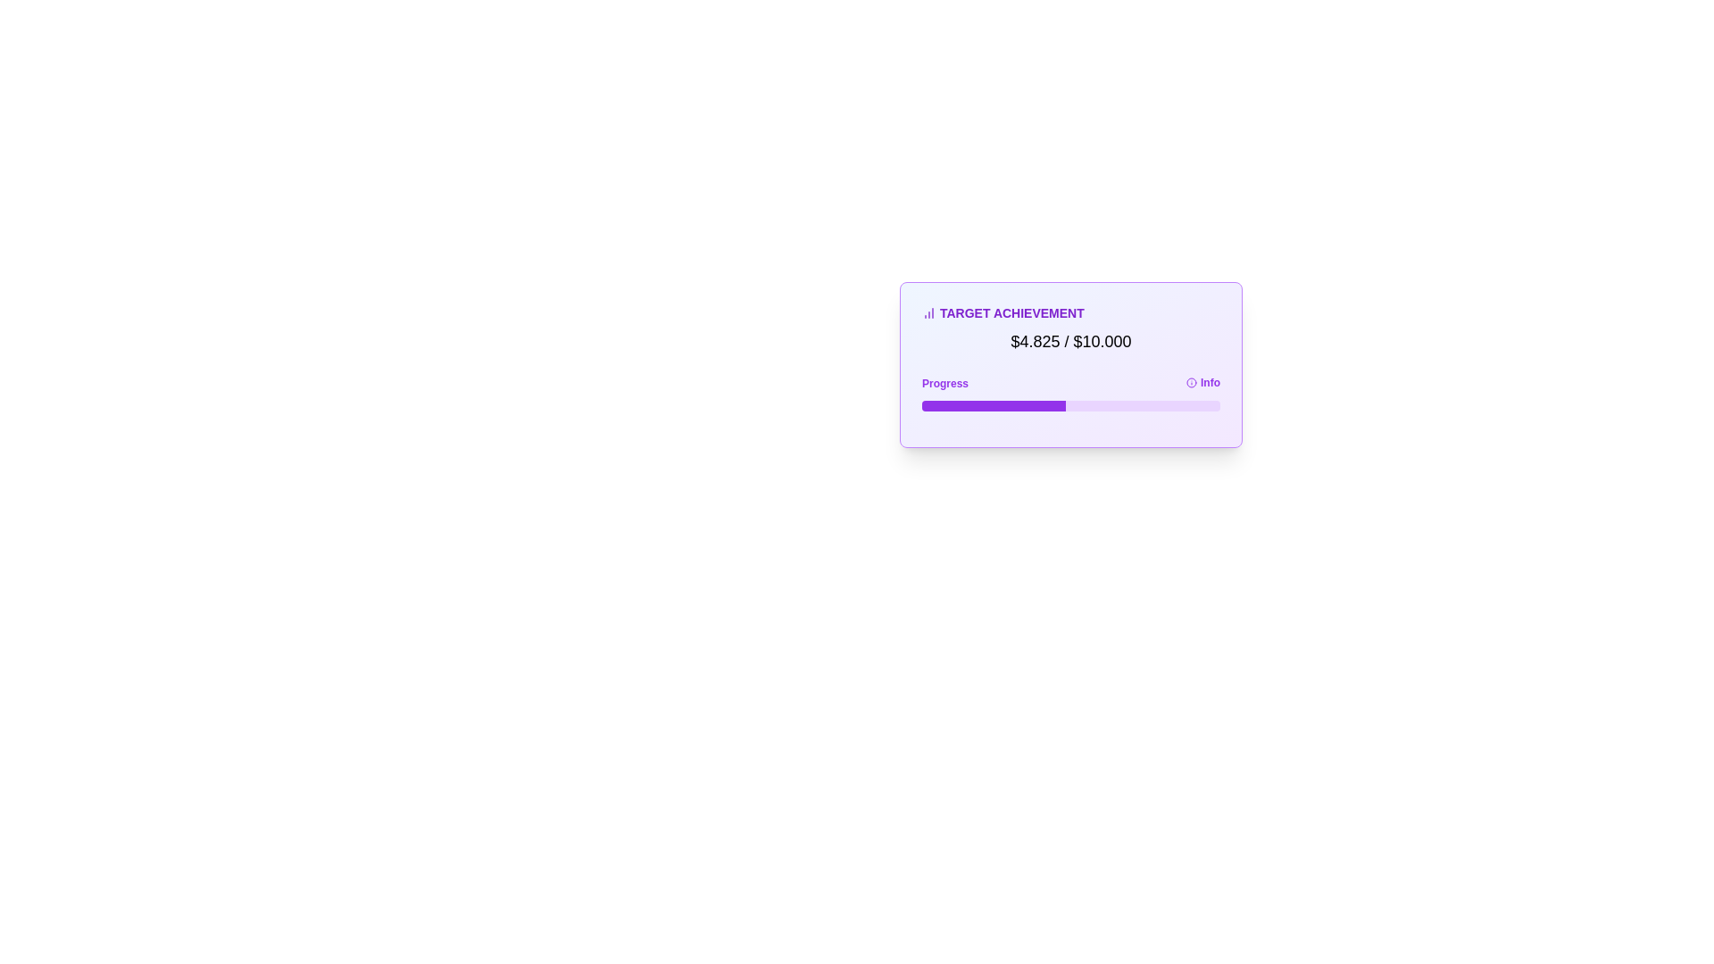 The height and width of the screenshot is (964, 1714). What do you see at coordinates (1191, 381) in the screenshot?
I see `the small outlined circular icon indicating information located at the bottom-right corner of the 'Target Achievement' panel` at bounding box center [1191, 381].